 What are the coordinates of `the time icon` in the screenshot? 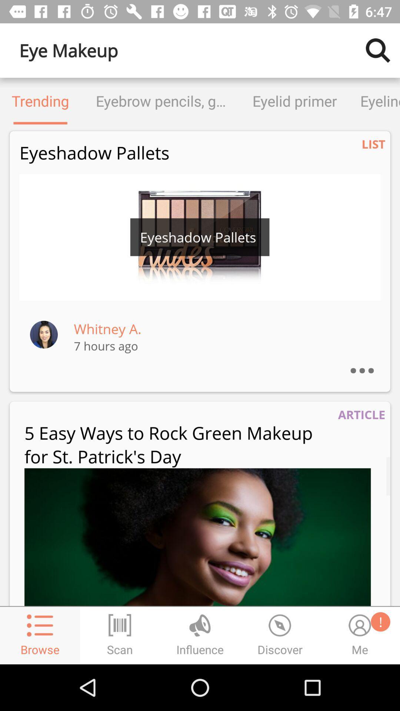 It's located at (280, 635).